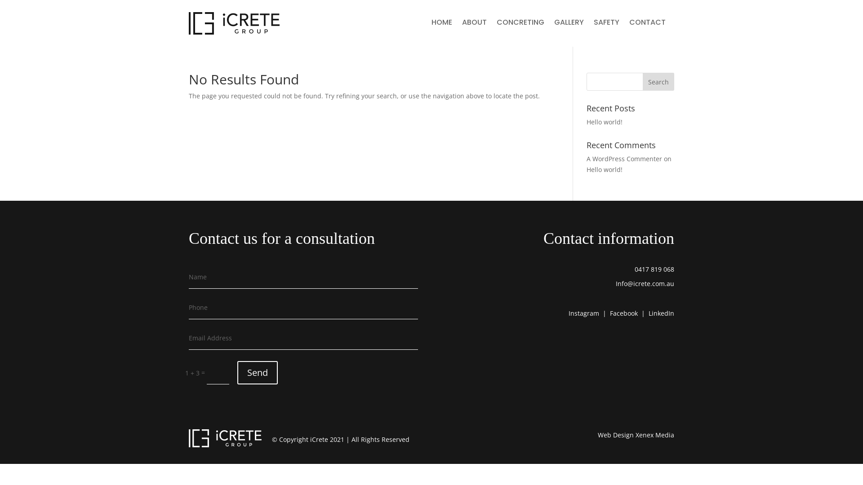  I want to click on 'Facebook', so click(623, 313).